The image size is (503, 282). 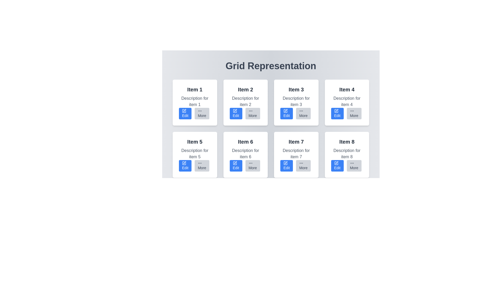 What do you see at coordinates (245, 113) in the screenshot?
I see `the 'More' button in the grouped component of quick actions related to 'Item 2'` at bounding box center [245, 113].